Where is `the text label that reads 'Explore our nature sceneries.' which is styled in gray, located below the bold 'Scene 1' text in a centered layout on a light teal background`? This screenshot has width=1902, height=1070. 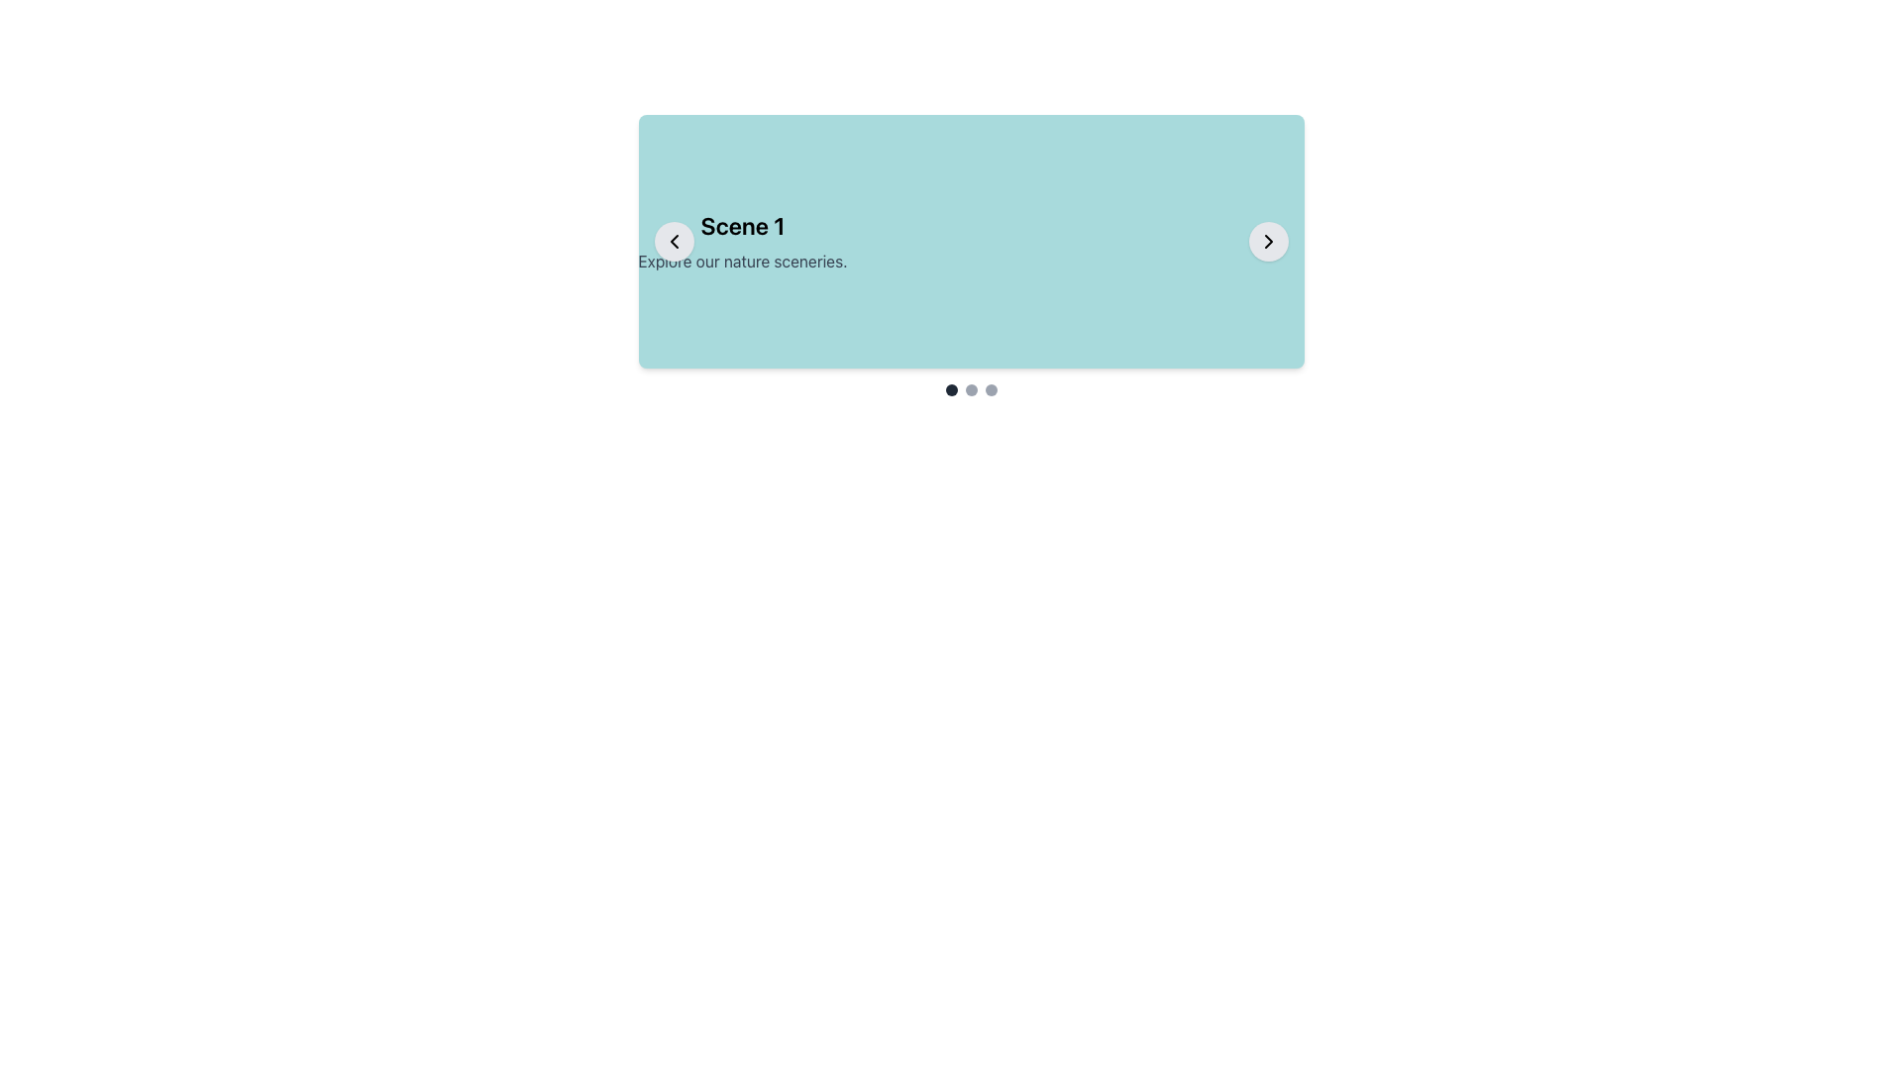
the text label that reads 'Explore our nature sceneries.' which is styled in gray, located below the bold 'Scene 1' text in a centered layout on a light teal background is located at coordinates (741, 260).